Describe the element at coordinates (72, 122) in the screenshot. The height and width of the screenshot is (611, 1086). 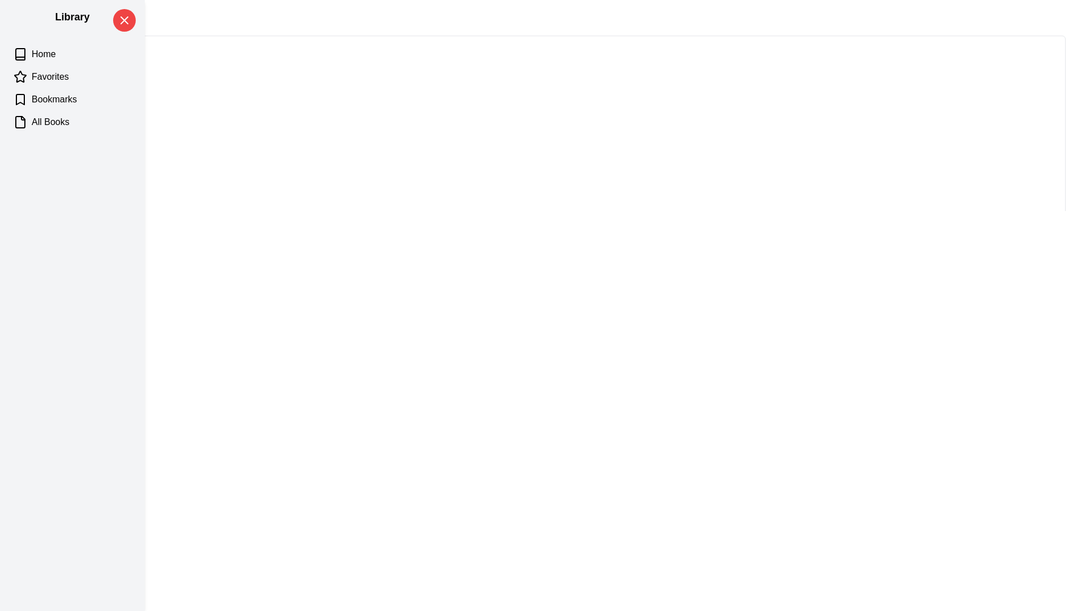
I see `the category All Books in the drawer` at that location.